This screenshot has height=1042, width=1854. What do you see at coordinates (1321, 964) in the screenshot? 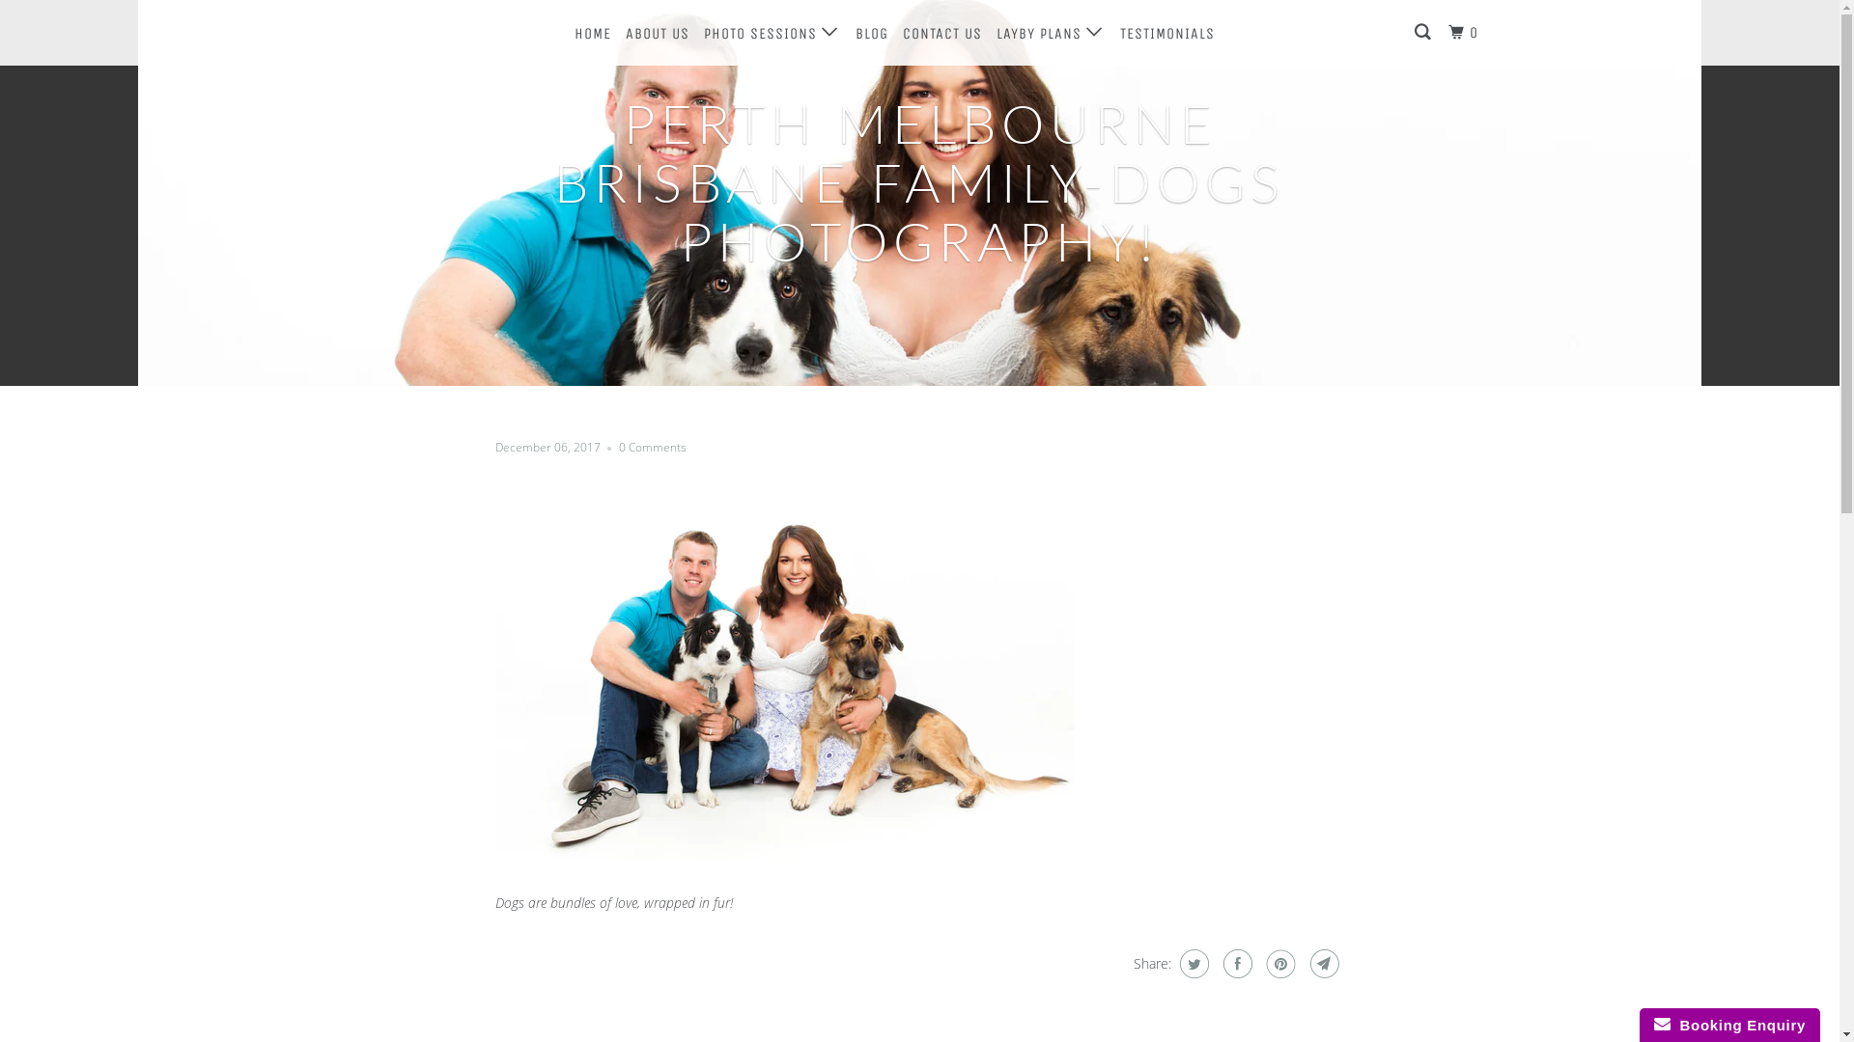
I see `'Email this to a friend'` at bounding box center [1321, 964].